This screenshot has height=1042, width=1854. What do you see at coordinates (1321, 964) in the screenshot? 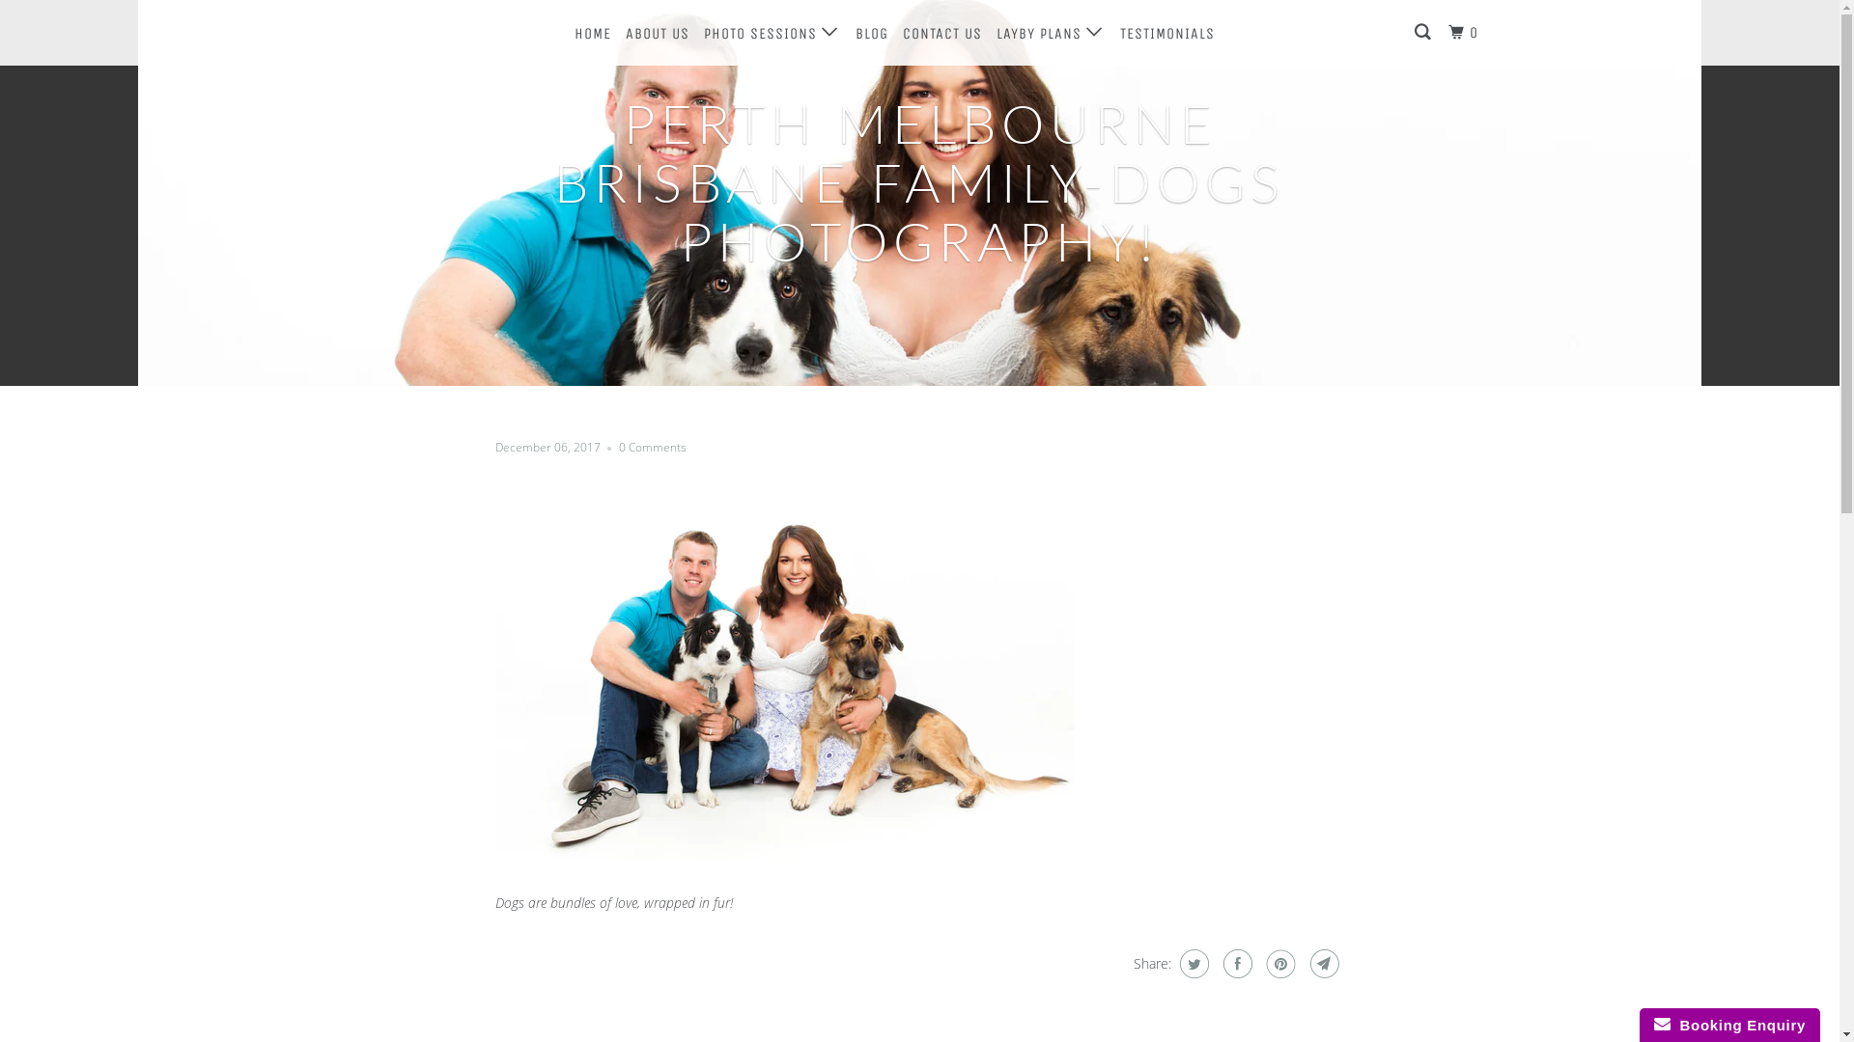
I see `'Email this to a friend'` at bounding box center [1321, 964].